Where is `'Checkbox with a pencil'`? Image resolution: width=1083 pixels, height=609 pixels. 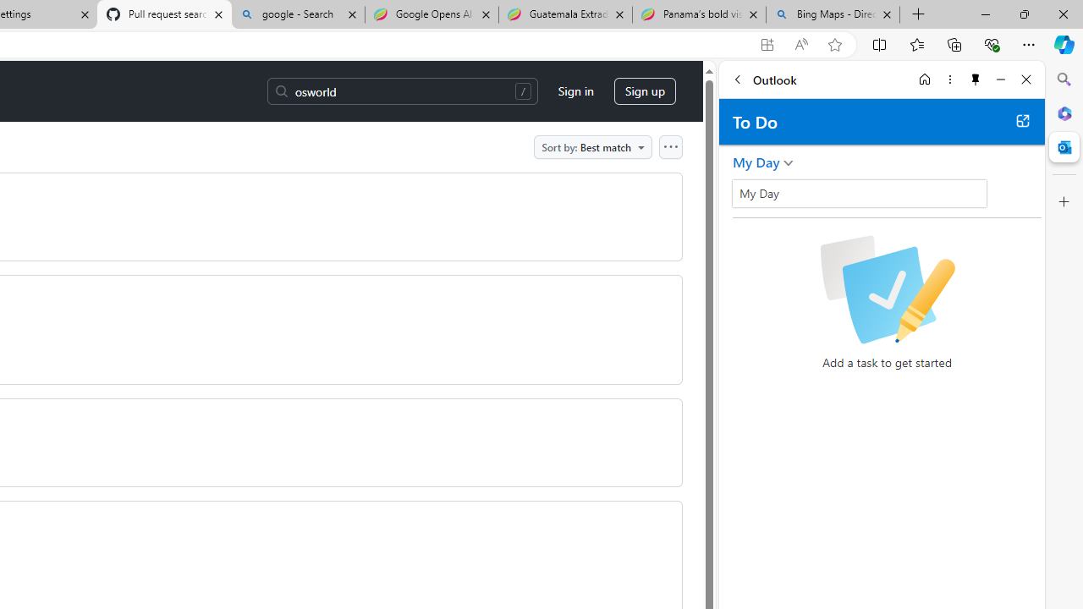 'Checkbox with a pencil' is located at coordinates (886, 289).